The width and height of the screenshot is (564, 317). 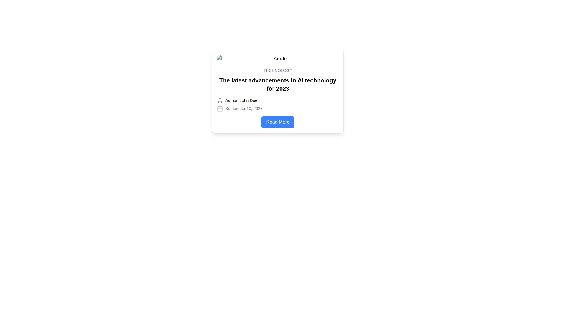 I want to click on the background component of the calendar icon in the article card, which supports the icon's design, so click(x=219, y=109).